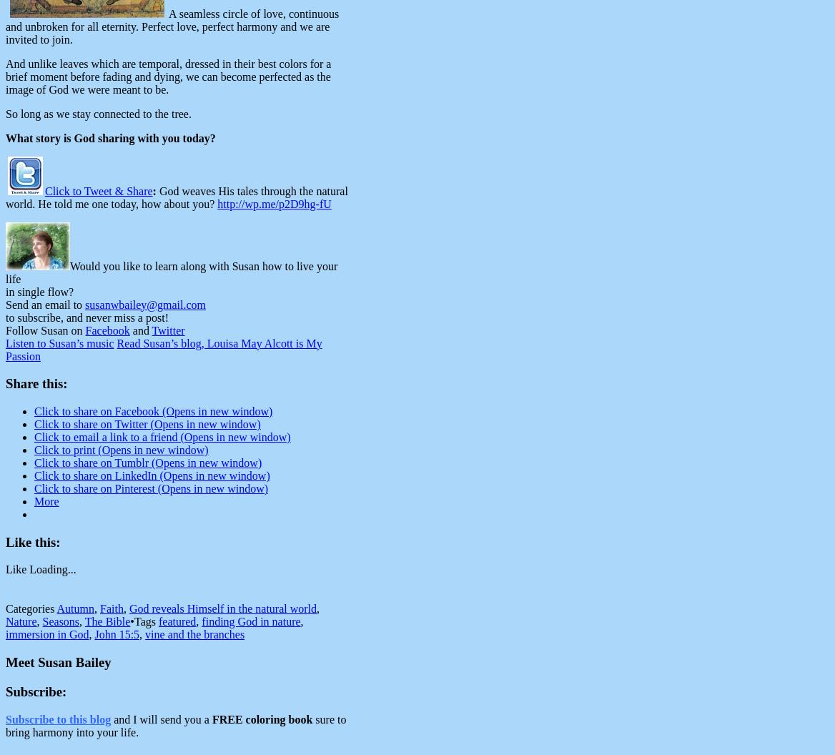  What do you see at coordinates (147, 461) in the screenshot?
I see `'Click to share on Tumblr (Opens in new window)'` at bounding box center [147, 461].